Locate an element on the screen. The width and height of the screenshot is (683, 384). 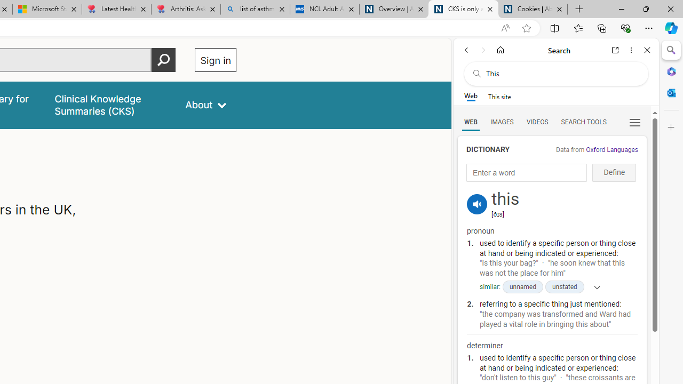
'Preferences' is located at coordinates (634, 121).